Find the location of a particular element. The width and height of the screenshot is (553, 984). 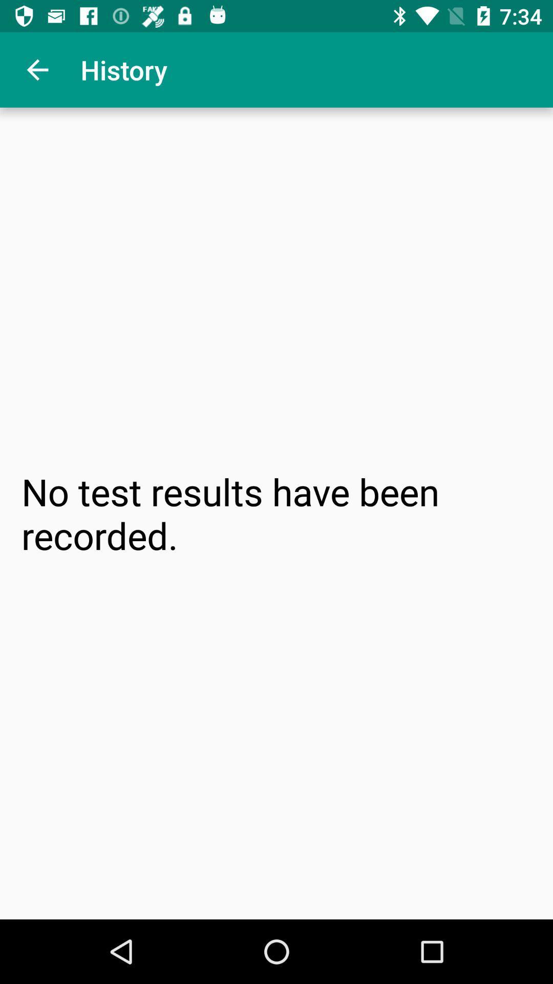

the icon to the left of the history app is located at coordinates (37, 69).